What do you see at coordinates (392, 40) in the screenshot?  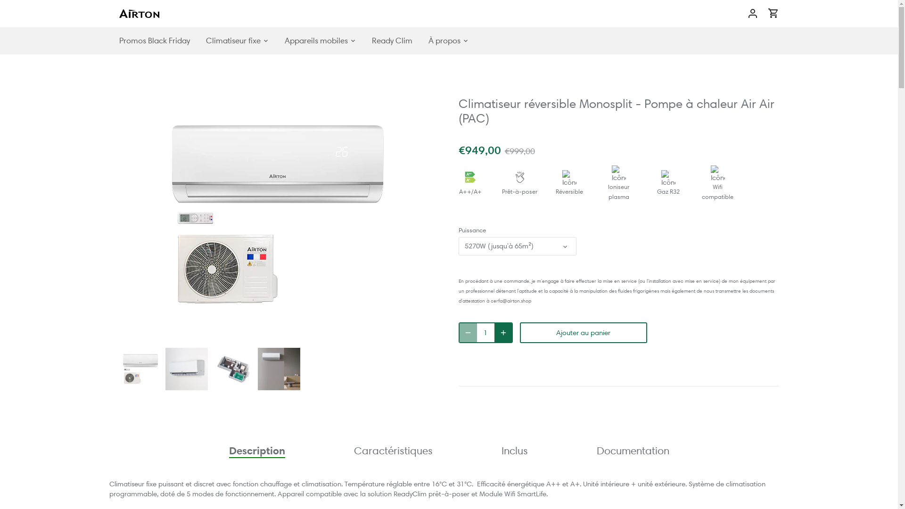 I see `'Ready Clim'` at bounding box center [392, 40].